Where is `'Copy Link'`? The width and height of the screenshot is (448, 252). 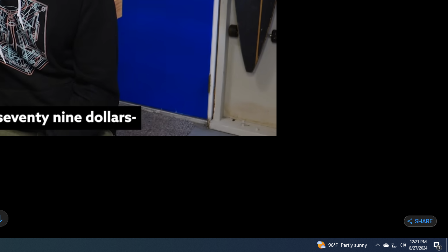 'Copy Link' is located at coordinates (401, 221).